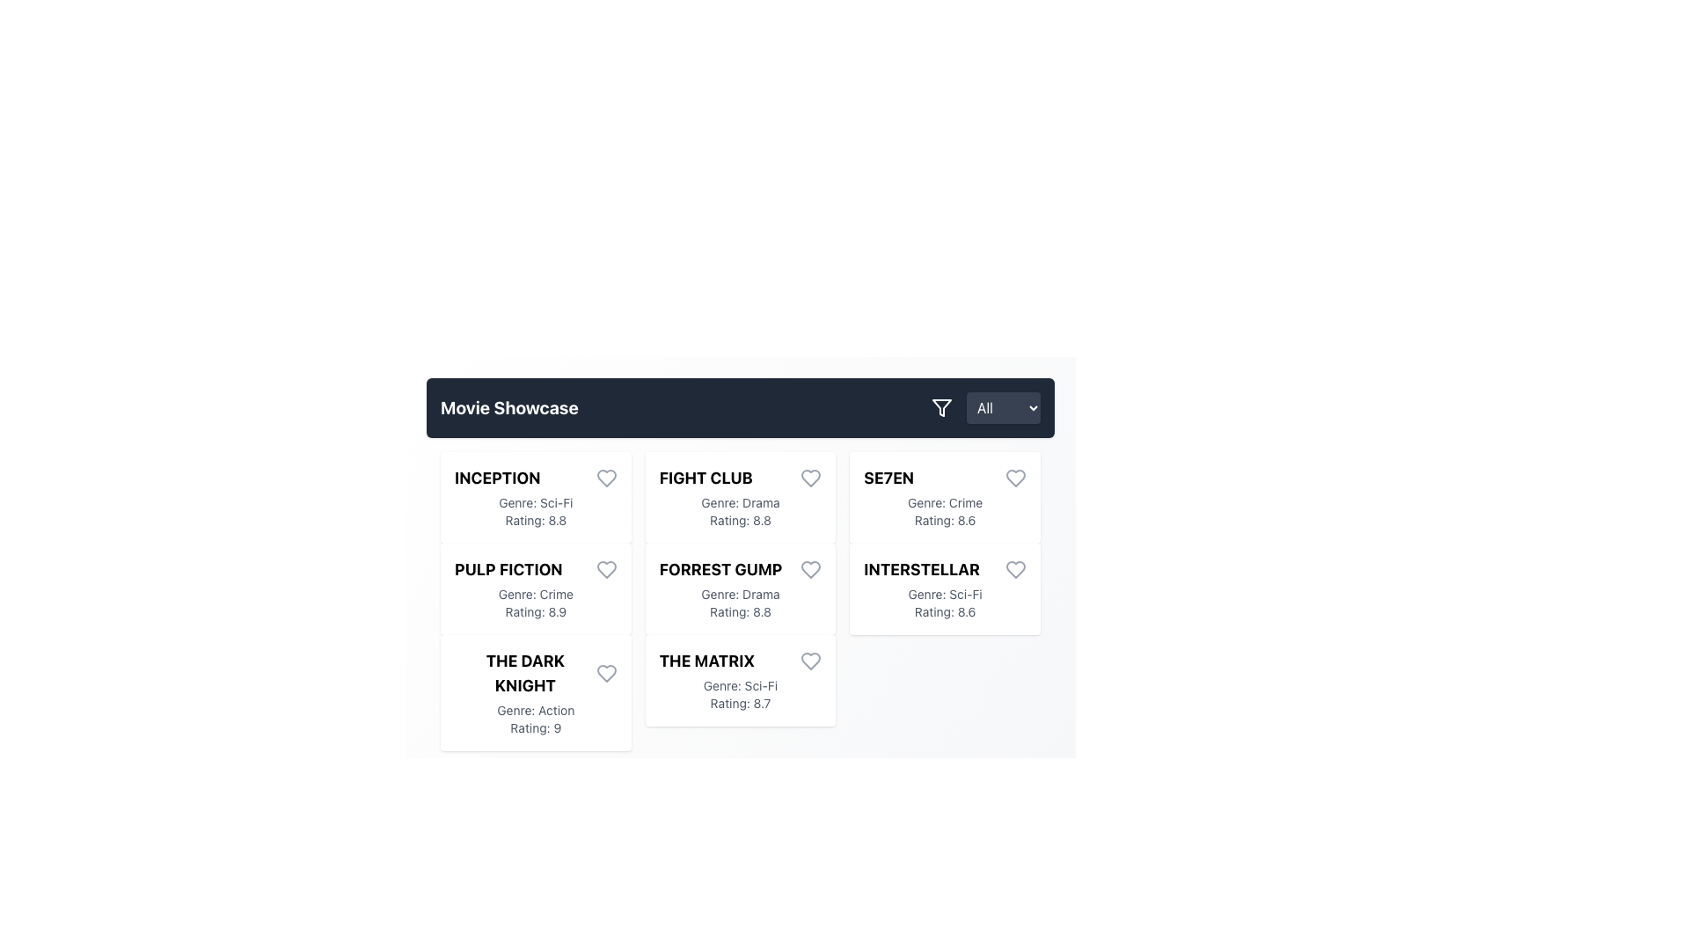  Describe the element at coordinates (921, 570) in the screenshot. I see `the text label styled as a headline displaying 'Interstellar', located in the bottom-right content card of the grid layout, positioned below the SE7EN card and to the right of the FORREST GUMP card` at that location.